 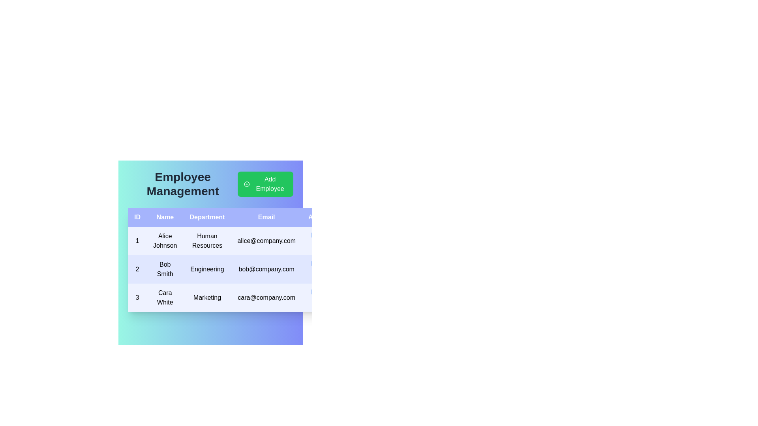 What do you see at coordinates (137, 240) in the screenshot?
I see `the static text field displaying '1' in the first cell of the 'ID' column in the 'Employee Management' table` at bounding box center [137, 240].